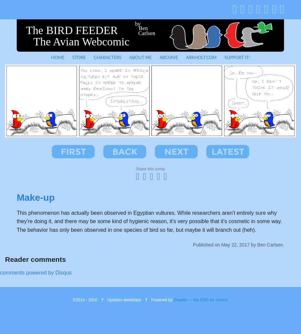  I want to click on 'This phenomenon has actually been observed in Egyptian vultures. While researchers aren't entirely sure why they're doing it, and there may be some kind of hygienic reason, it's very possible that it's cosmetic in some way. The behavior has only been observed in one species of bird so far, but maybe it will branch out (heh).', so click(16, 221).